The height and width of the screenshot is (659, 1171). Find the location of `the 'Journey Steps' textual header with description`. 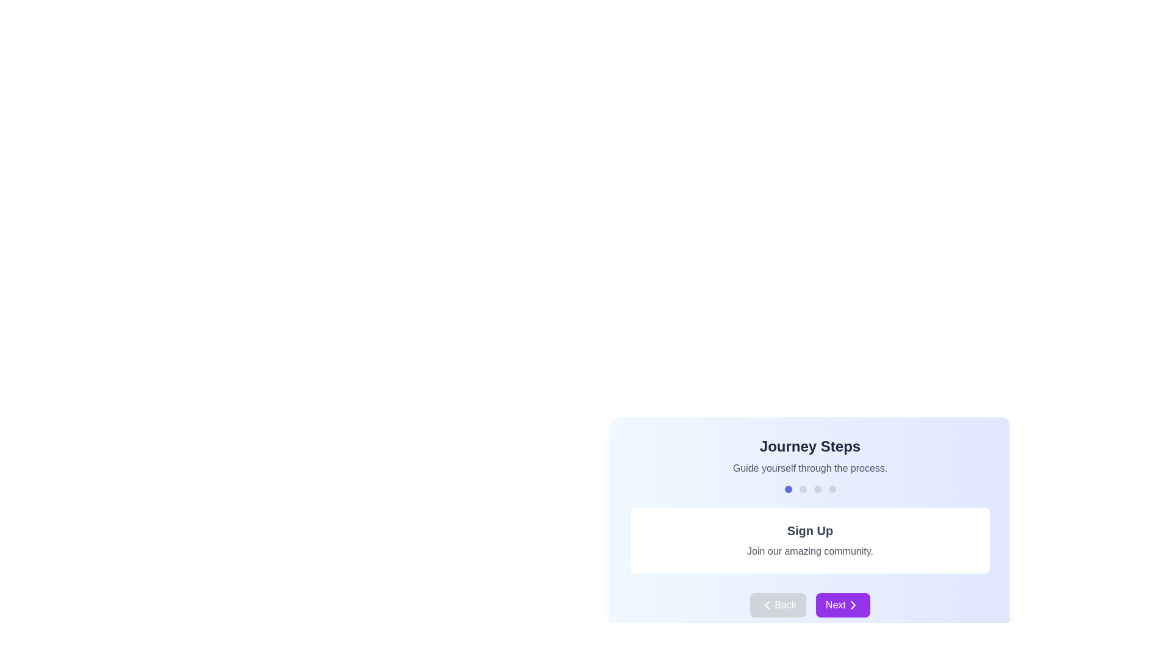

the 'Journey Steps' textual header with description is located at coordinates (810, 456).